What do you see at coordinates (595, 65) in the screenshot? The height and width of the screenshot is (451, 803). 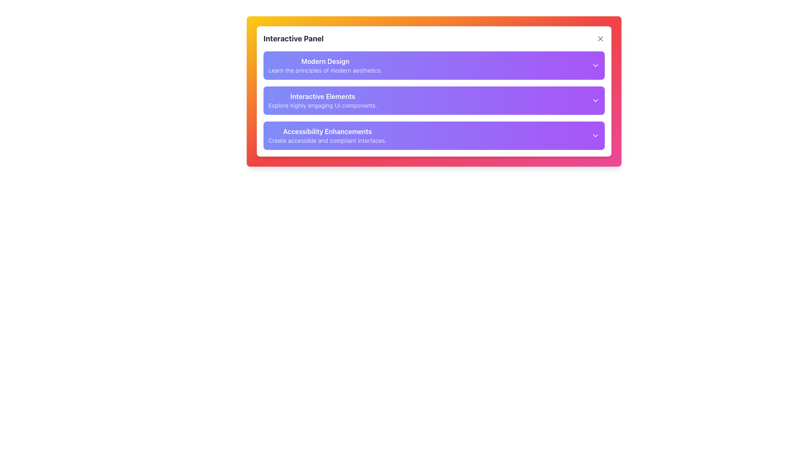 I see `the small triangular downward-facing arrow icon, which serves as a dropdown indicator in the 'Modern Design' section of the interface` at bounding box center [595, 65].